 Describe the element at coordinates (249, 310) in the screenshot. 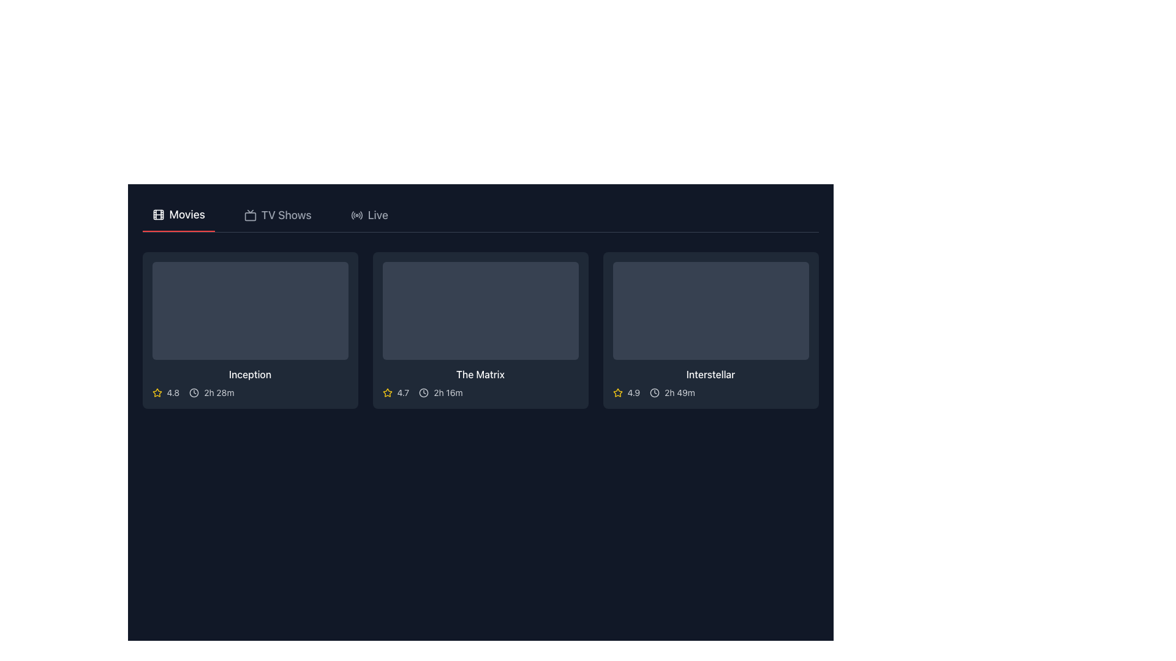

I see `the image placeholder for the movie 'Inception'` at that location.